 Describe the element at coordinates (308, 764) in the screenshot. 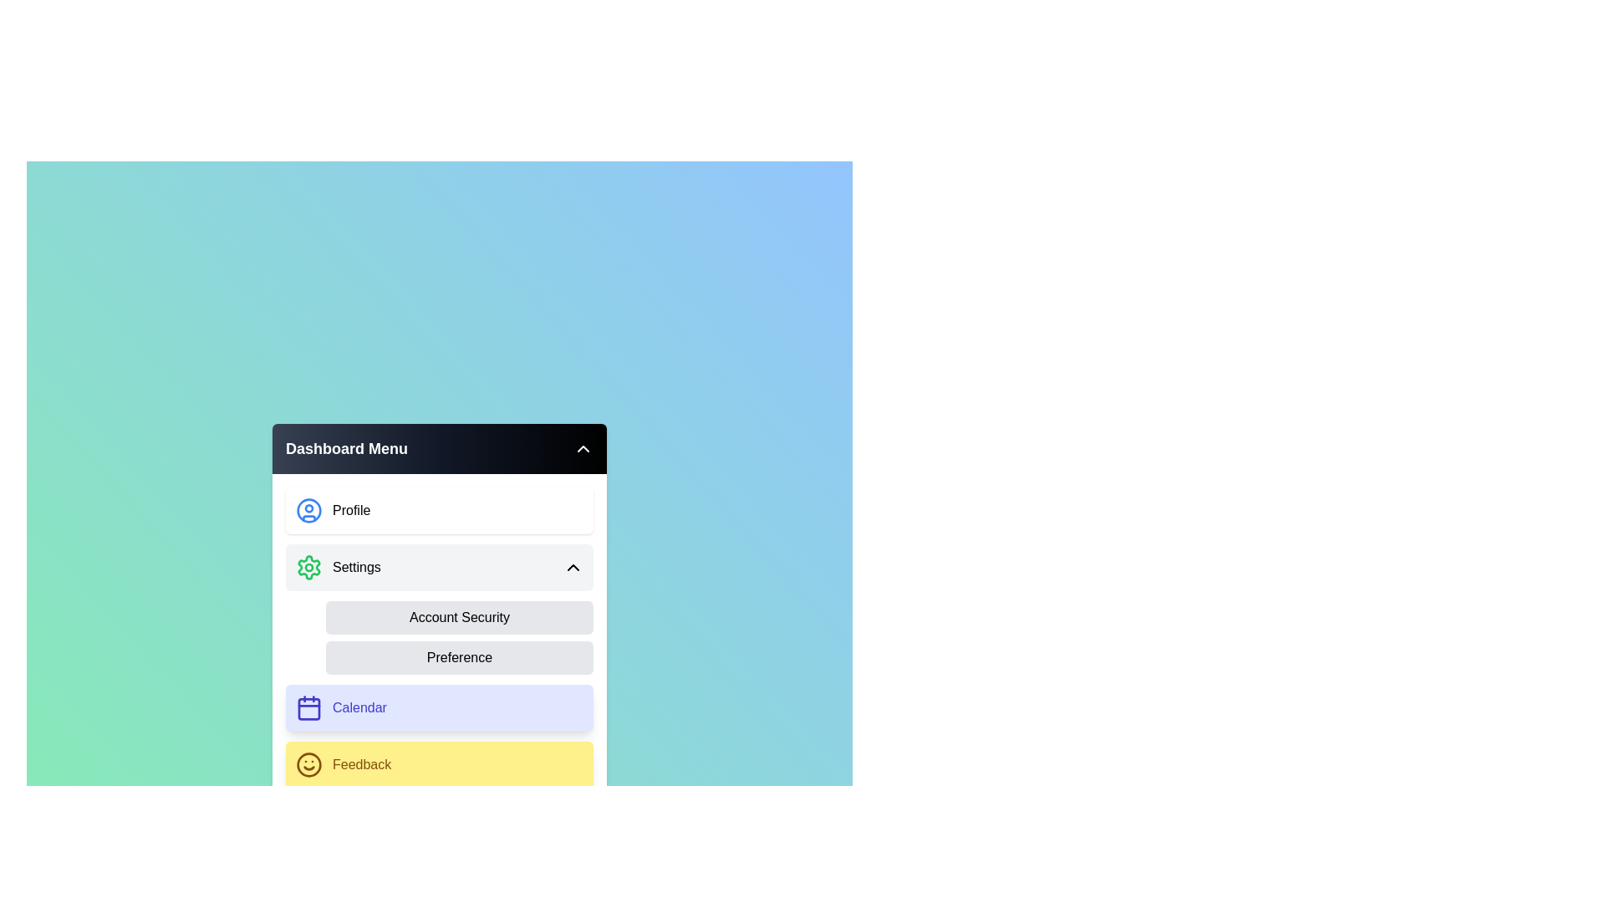

I see `the circular smiley face icon on the yellow feedback card located at the bottom-left of the vertical list` at that location.